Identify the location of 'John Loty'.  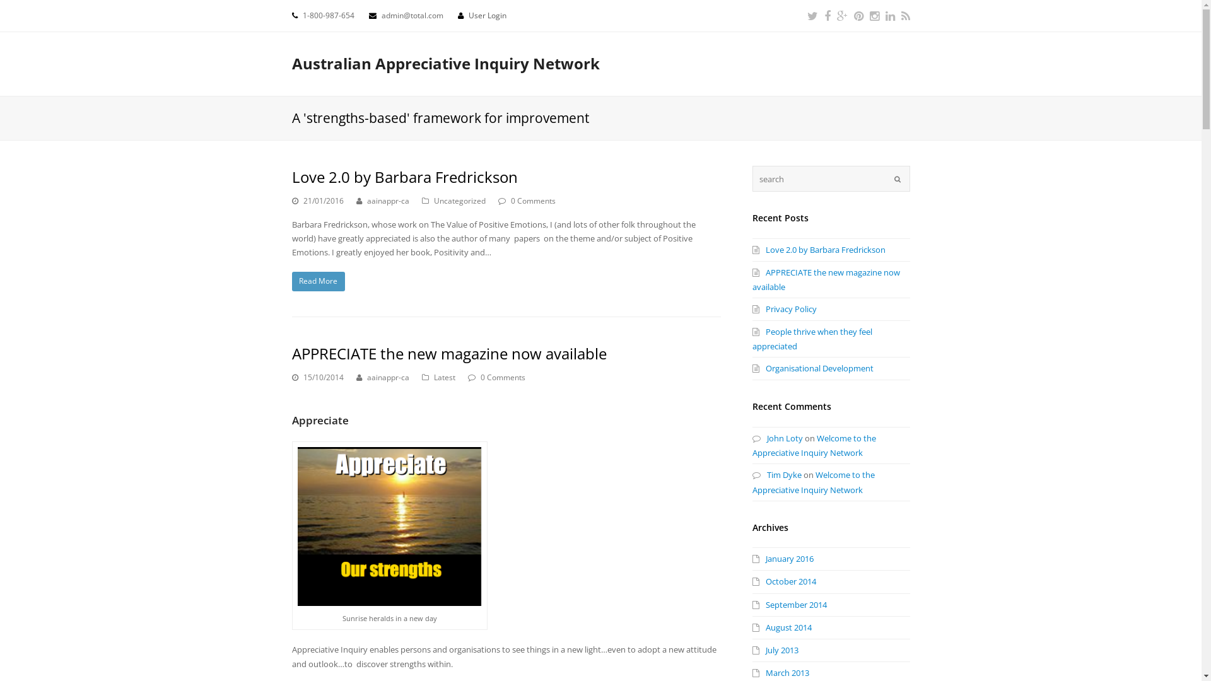
(776, 437).